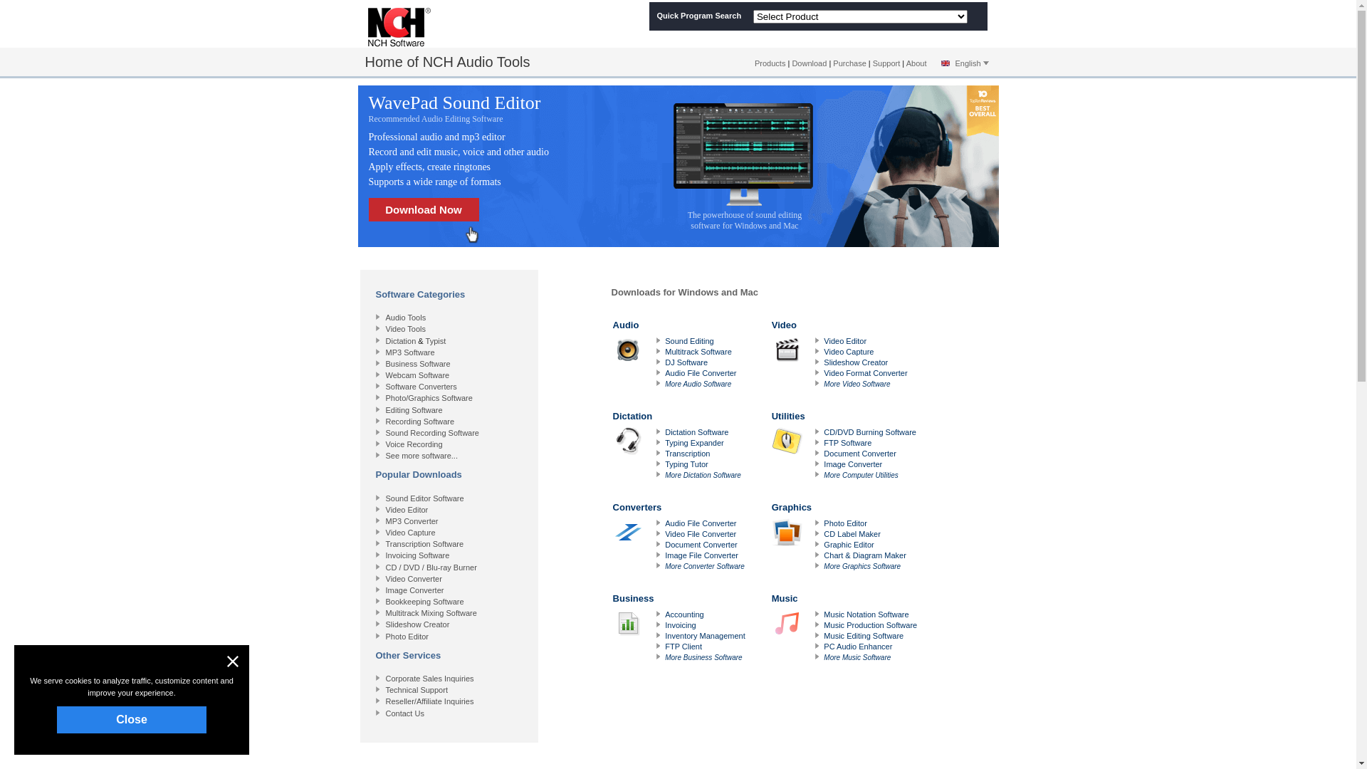 This screenshot has width=1367, height=769. Describe the element at coordinates (698, 351) in the screenshot. I see `'Multitrack Software'` at that location.